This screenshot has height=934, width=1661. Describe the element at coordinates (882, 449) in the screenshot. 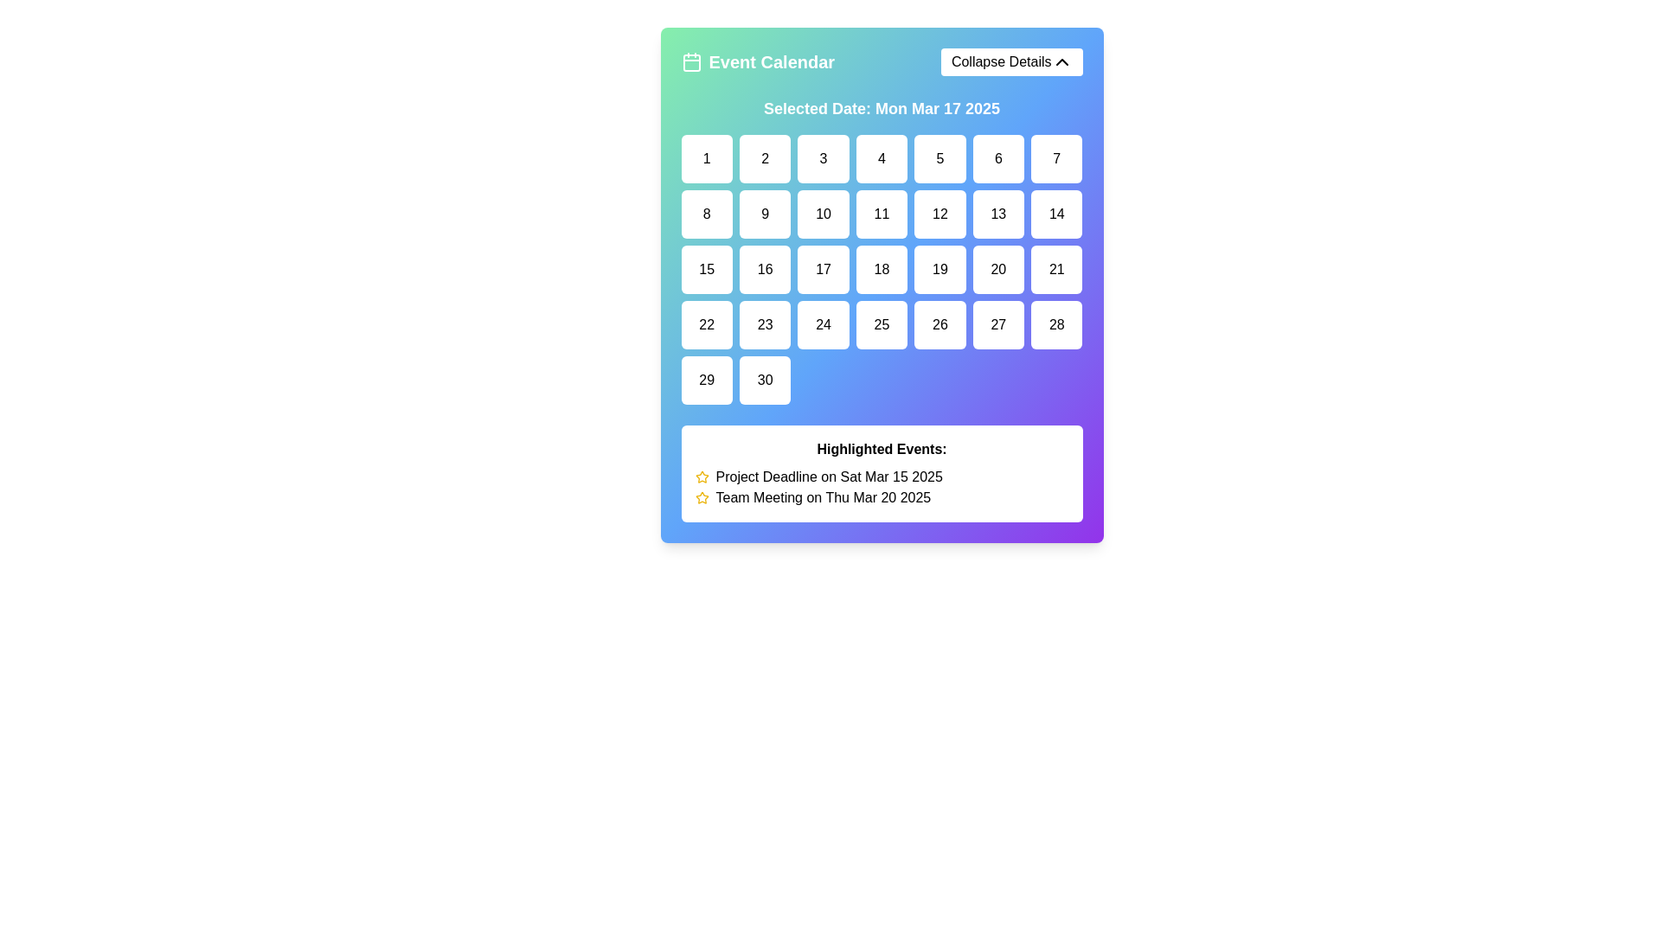

I see `the text label that indicates notable events, located within a light-colored box at the bottom of the calendar interface` at that location.